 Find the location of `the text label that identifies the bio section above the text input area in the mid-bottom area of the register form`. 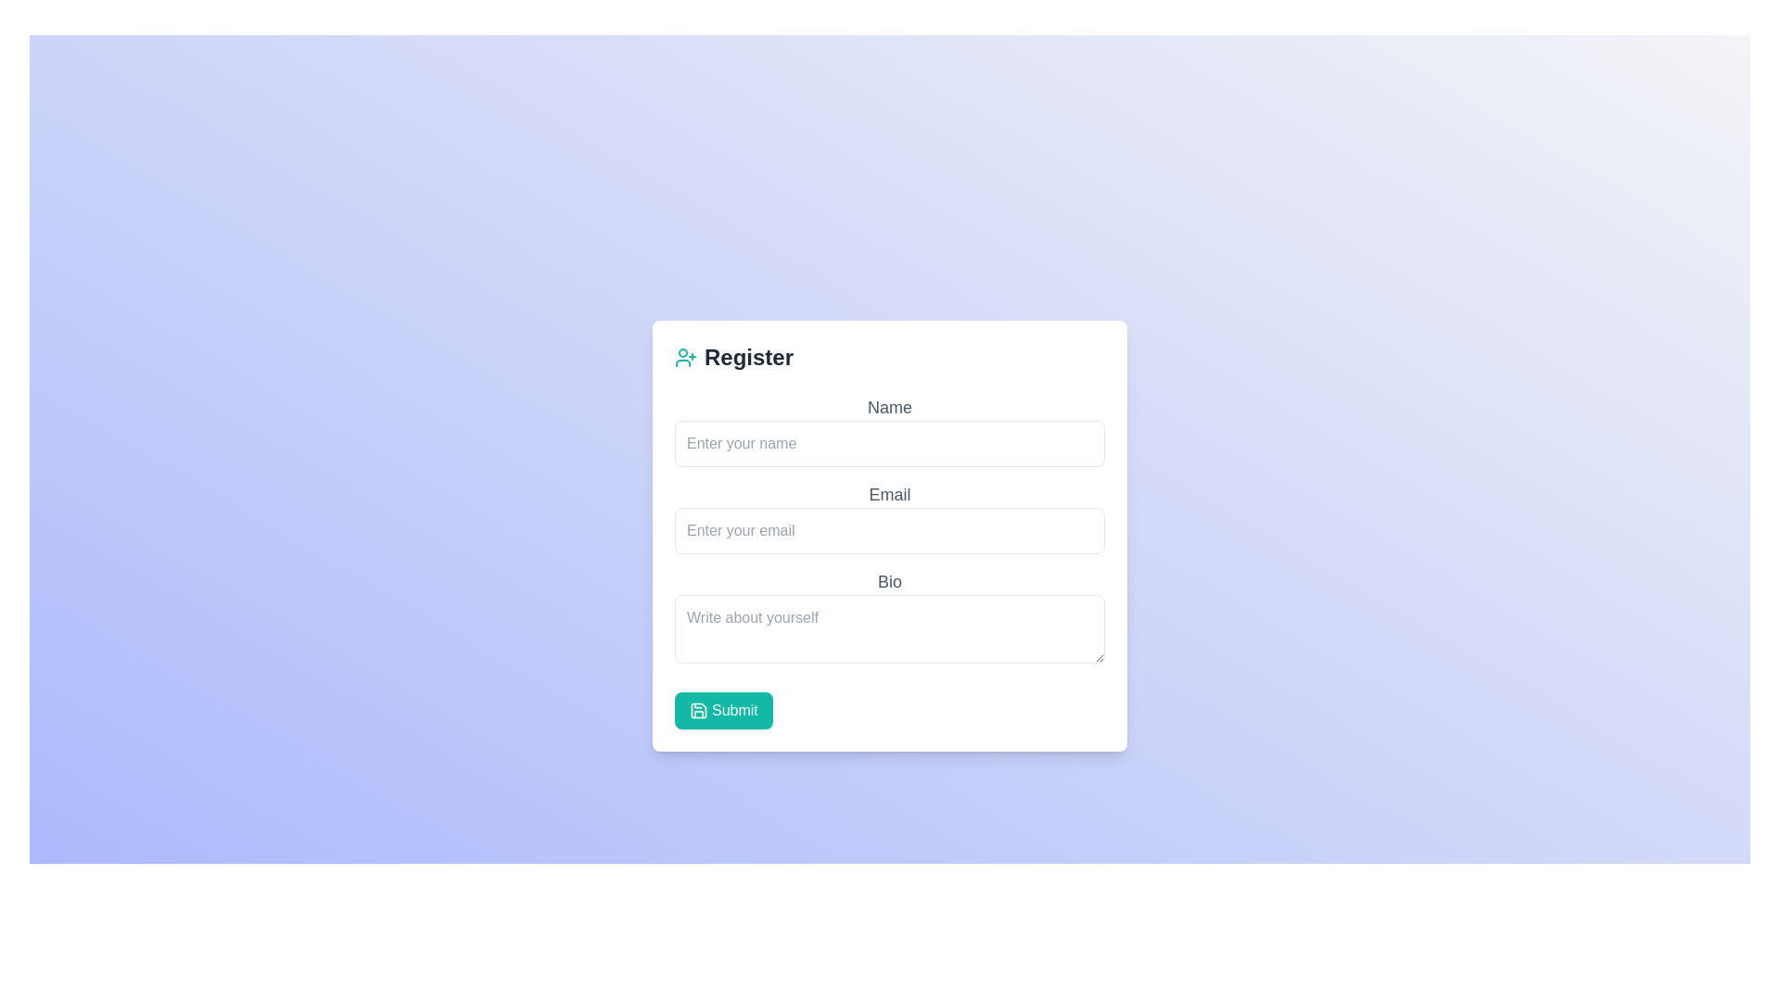

the text label that identifies the bio section above the text input area in the mid-bottom area of the register form is located at coordinates (890, 580).